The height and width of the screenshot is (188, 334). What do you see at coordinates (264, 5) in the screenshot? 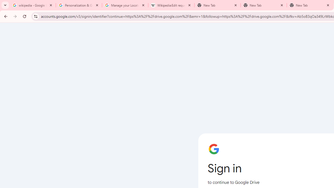
I see `'New Tab'` at bounding box center [264, 5].